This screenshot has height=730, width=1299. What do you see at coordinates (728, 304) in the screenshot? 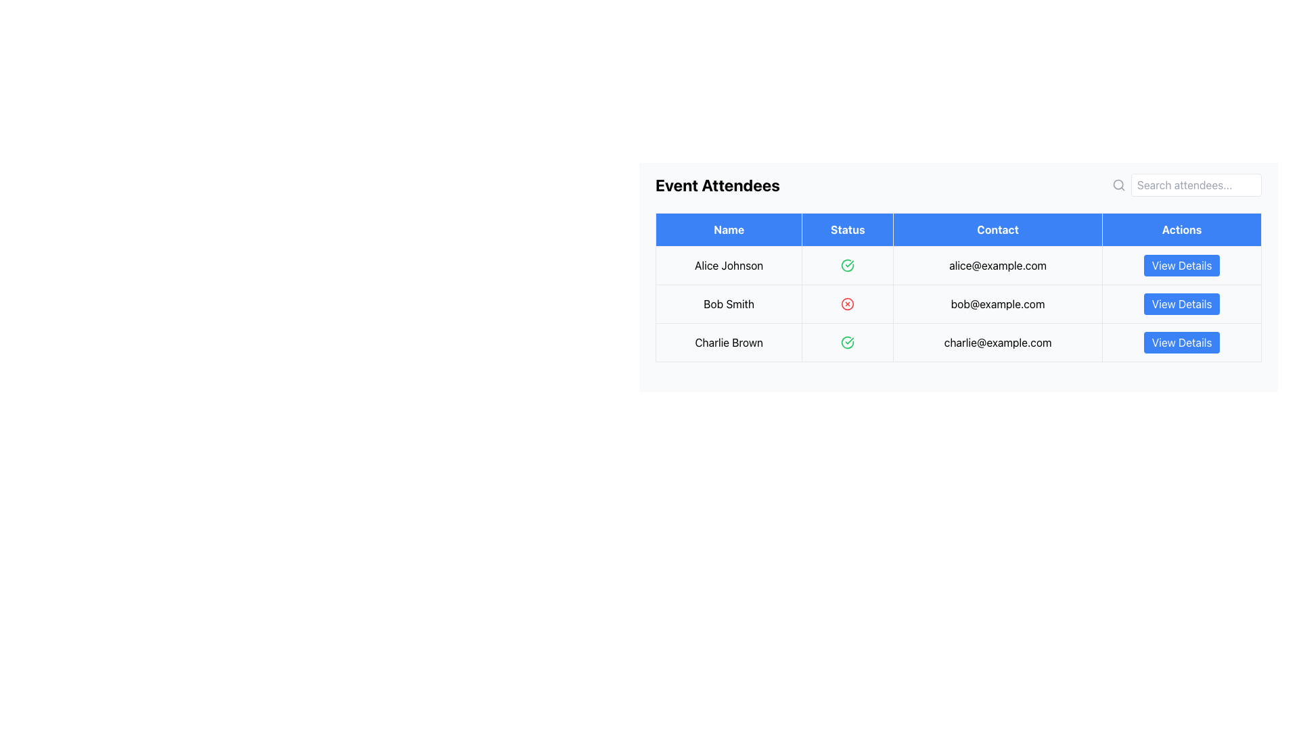
I see `the Text Label displaying 'Bob Smith' which is located in the second row of the table under the 'Name' column` at bounding box center [728, 304].